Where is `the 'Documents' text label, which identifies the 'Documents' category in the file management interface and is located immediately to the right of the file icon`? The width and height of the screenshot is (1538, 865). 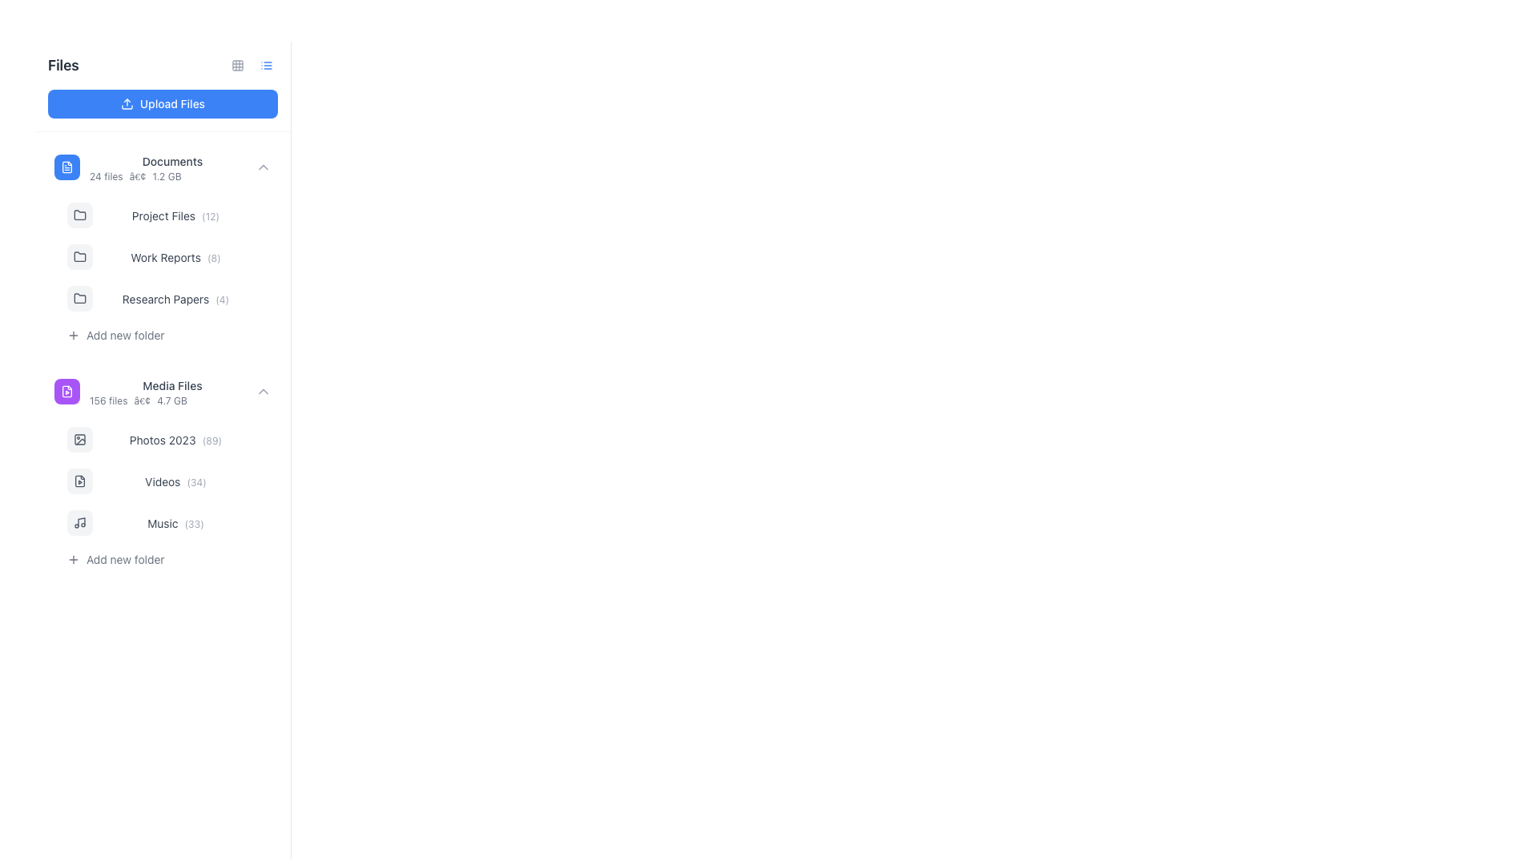
the 'Documents' text label, which identifies the 'Documents' category in the file management interface and is located immediately to the right of the file icon is located at coordinates (172, 161).